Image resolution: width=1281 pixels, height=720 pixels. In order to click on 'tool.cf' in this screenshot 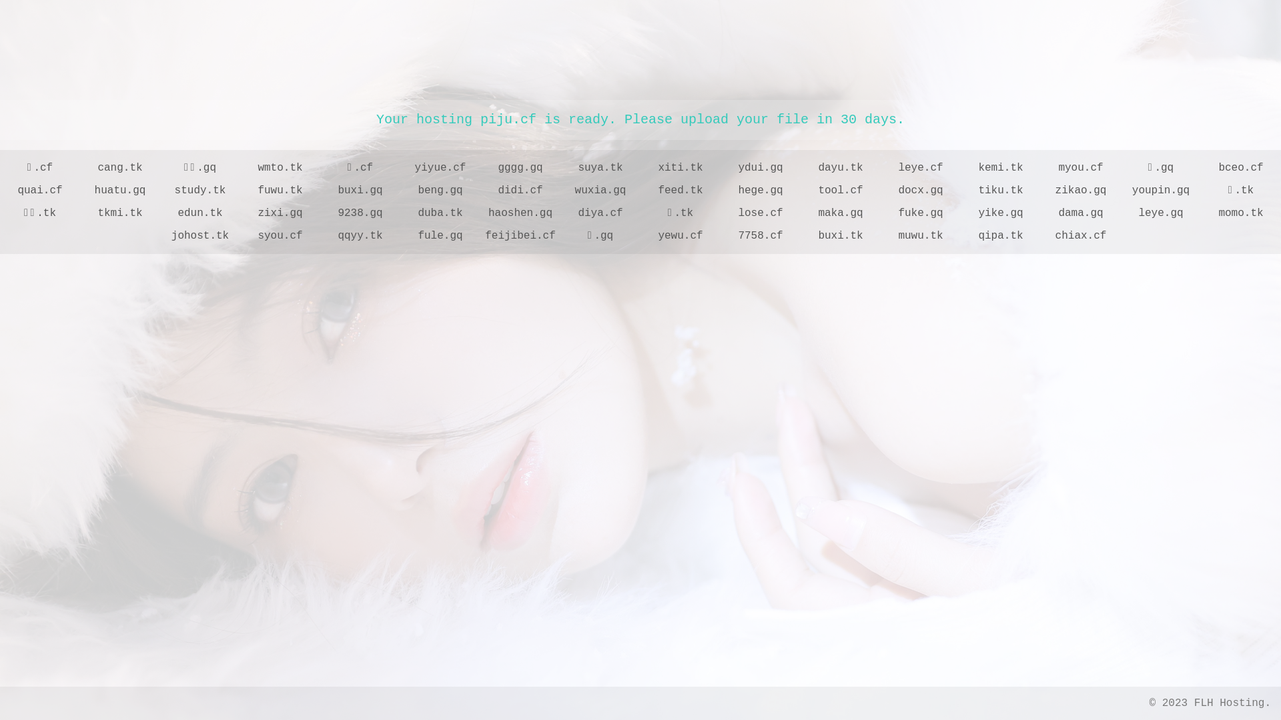, I will do `click(839, 190)`.